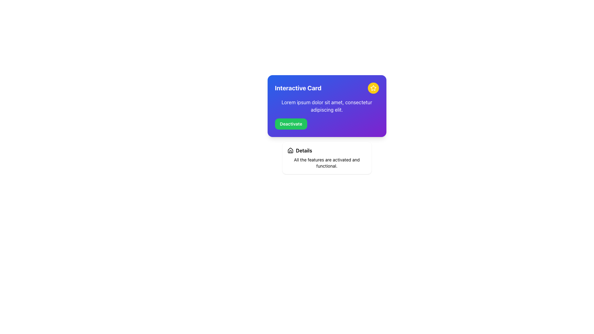  What do you see at coordinates (373, 88) in the screenshot?
I see `the button located in the top-right corner of the 'Interactive Card' panel for keyboard interaction` at bounding box center [373, 88].